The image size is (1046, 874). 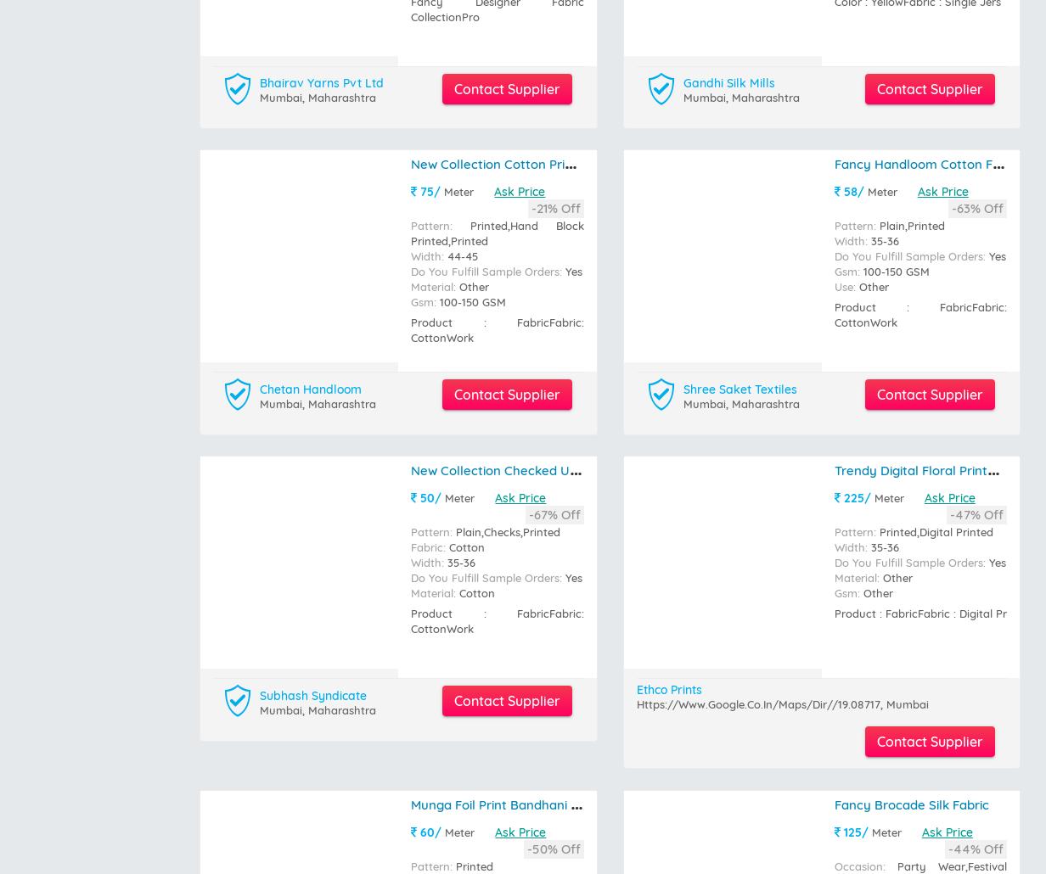 What do you see at coordinates (317, 36) in the screenshot?
I see `'mumbai, maharashtra'` at bounding box center [317, 36].